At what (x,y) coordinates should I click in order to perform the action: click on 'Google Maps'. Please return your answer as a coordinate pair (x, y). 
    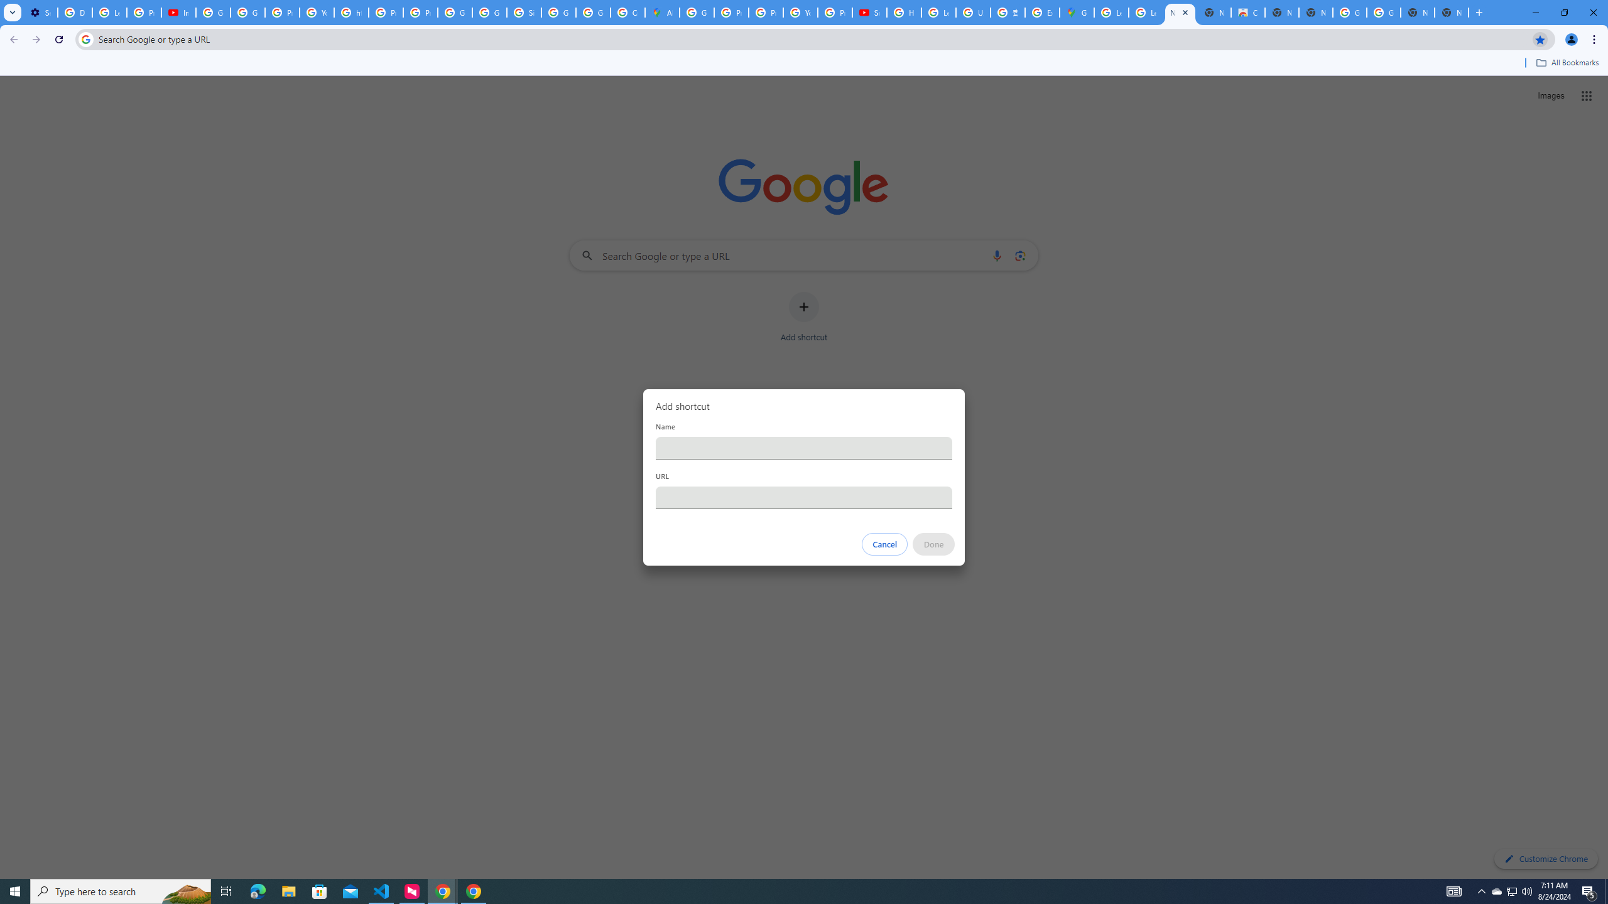
    Looking at the image, I should click on (1075, 12).